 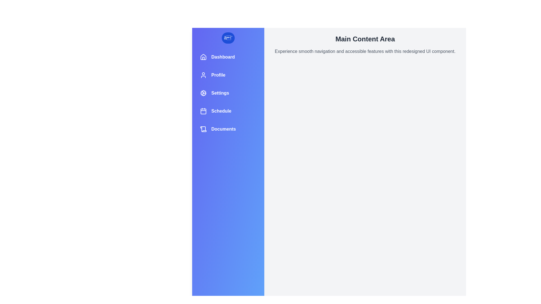 I want to click on the navigation item labeled 'Schedule' to observe the hover effect, so click(x=228, y=111).